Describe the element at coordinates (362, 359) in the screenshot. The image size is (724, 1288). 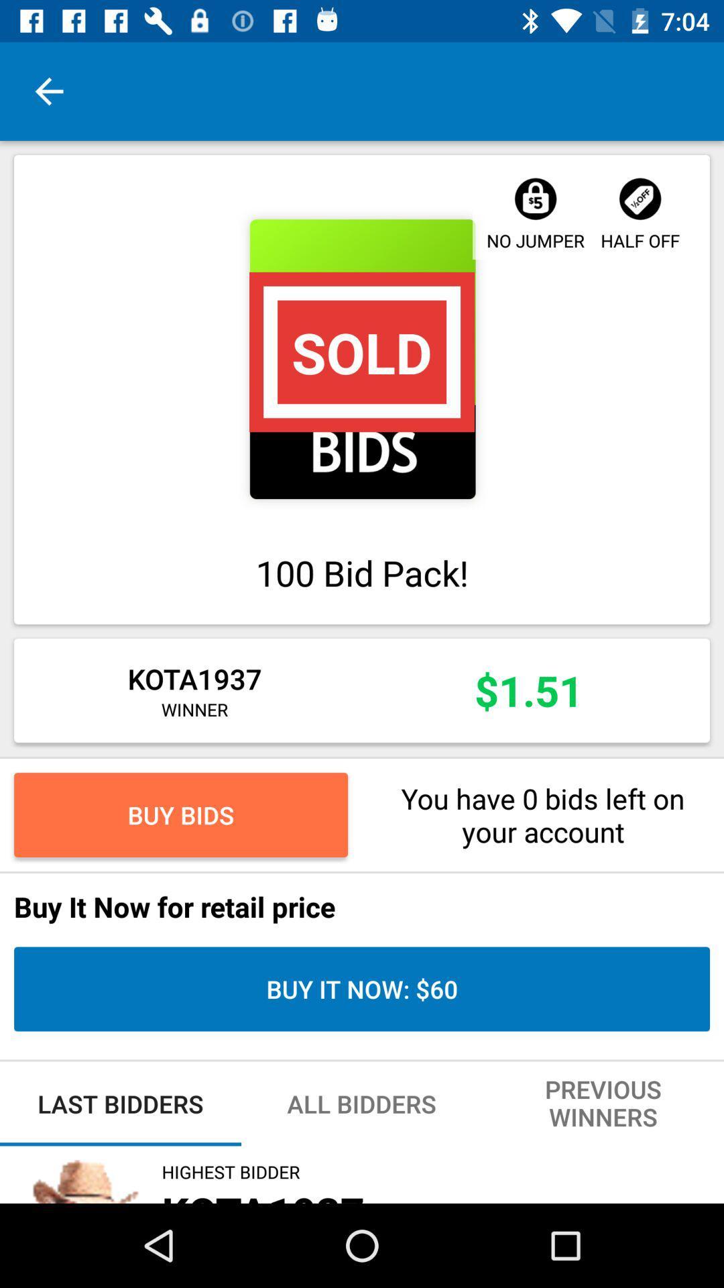
I see `icon above 100 bid pack! item` at that location.